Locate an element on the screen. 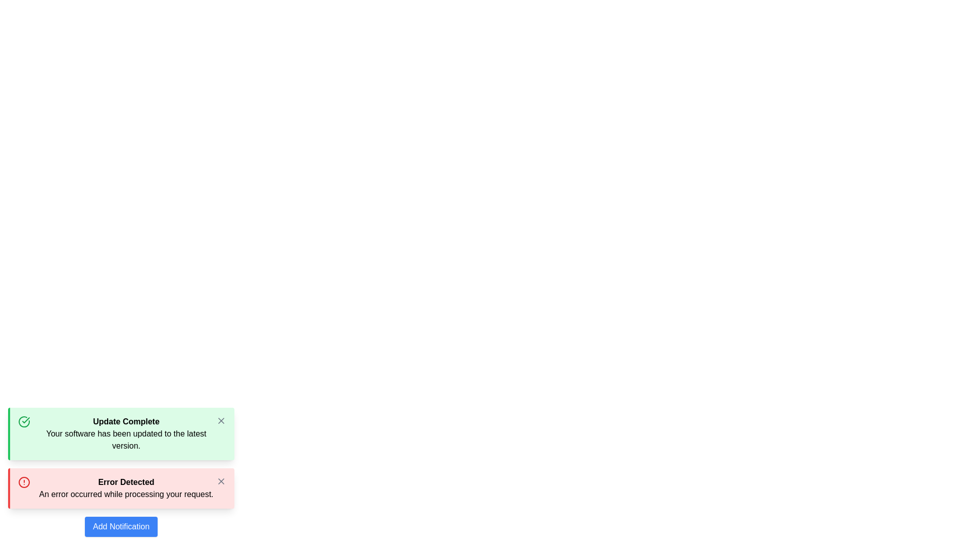 This screenshot has height=545, width=970. the close button located in the top-right corner of the error notification is located at coordinates (220, 480).